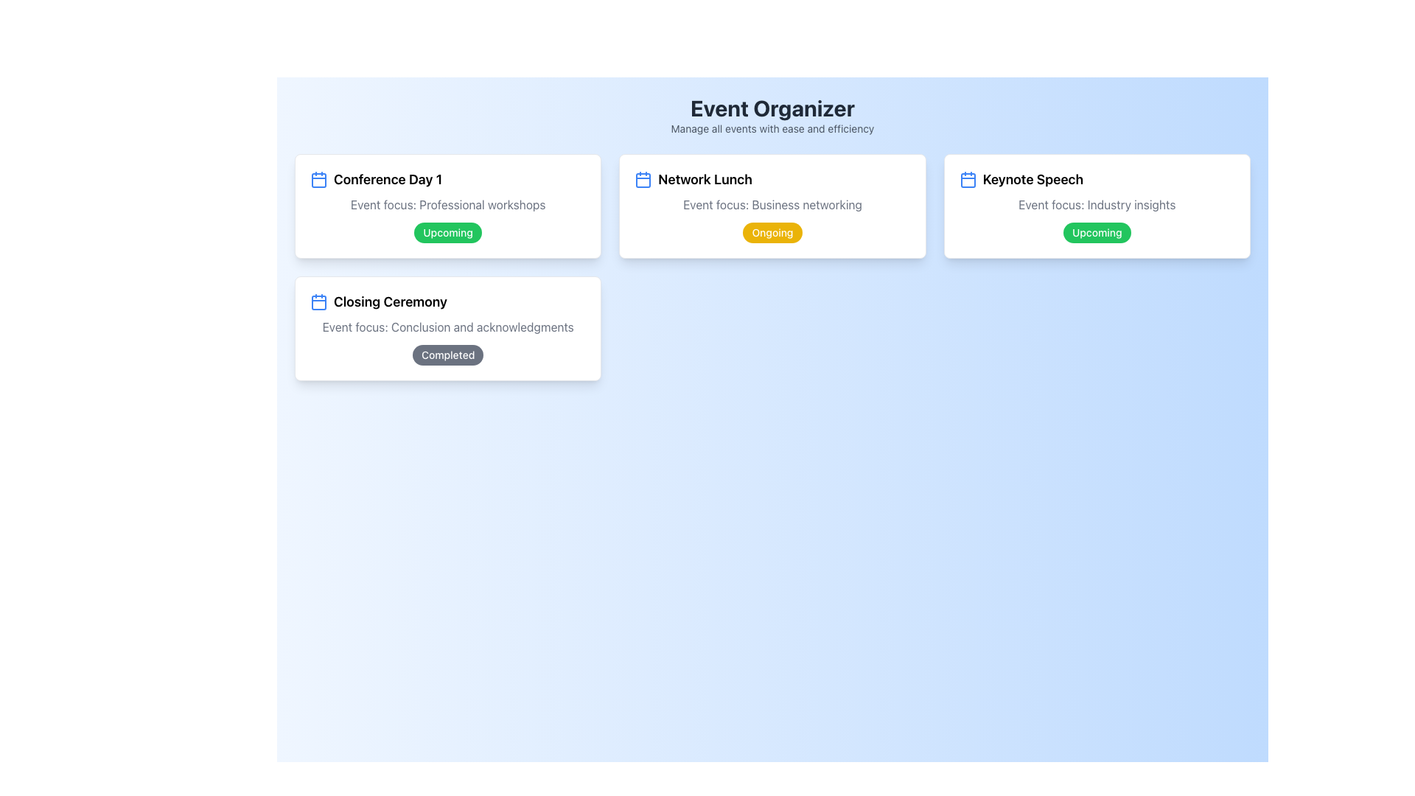 The width and height of the screenshot is (1415, 796). Describe the element at coordinates (643, 178) in the screenshot. I see `the calendar icon with a blue outline located at the top-left corner of the 'Network Lunch' event card as static information` at that location.